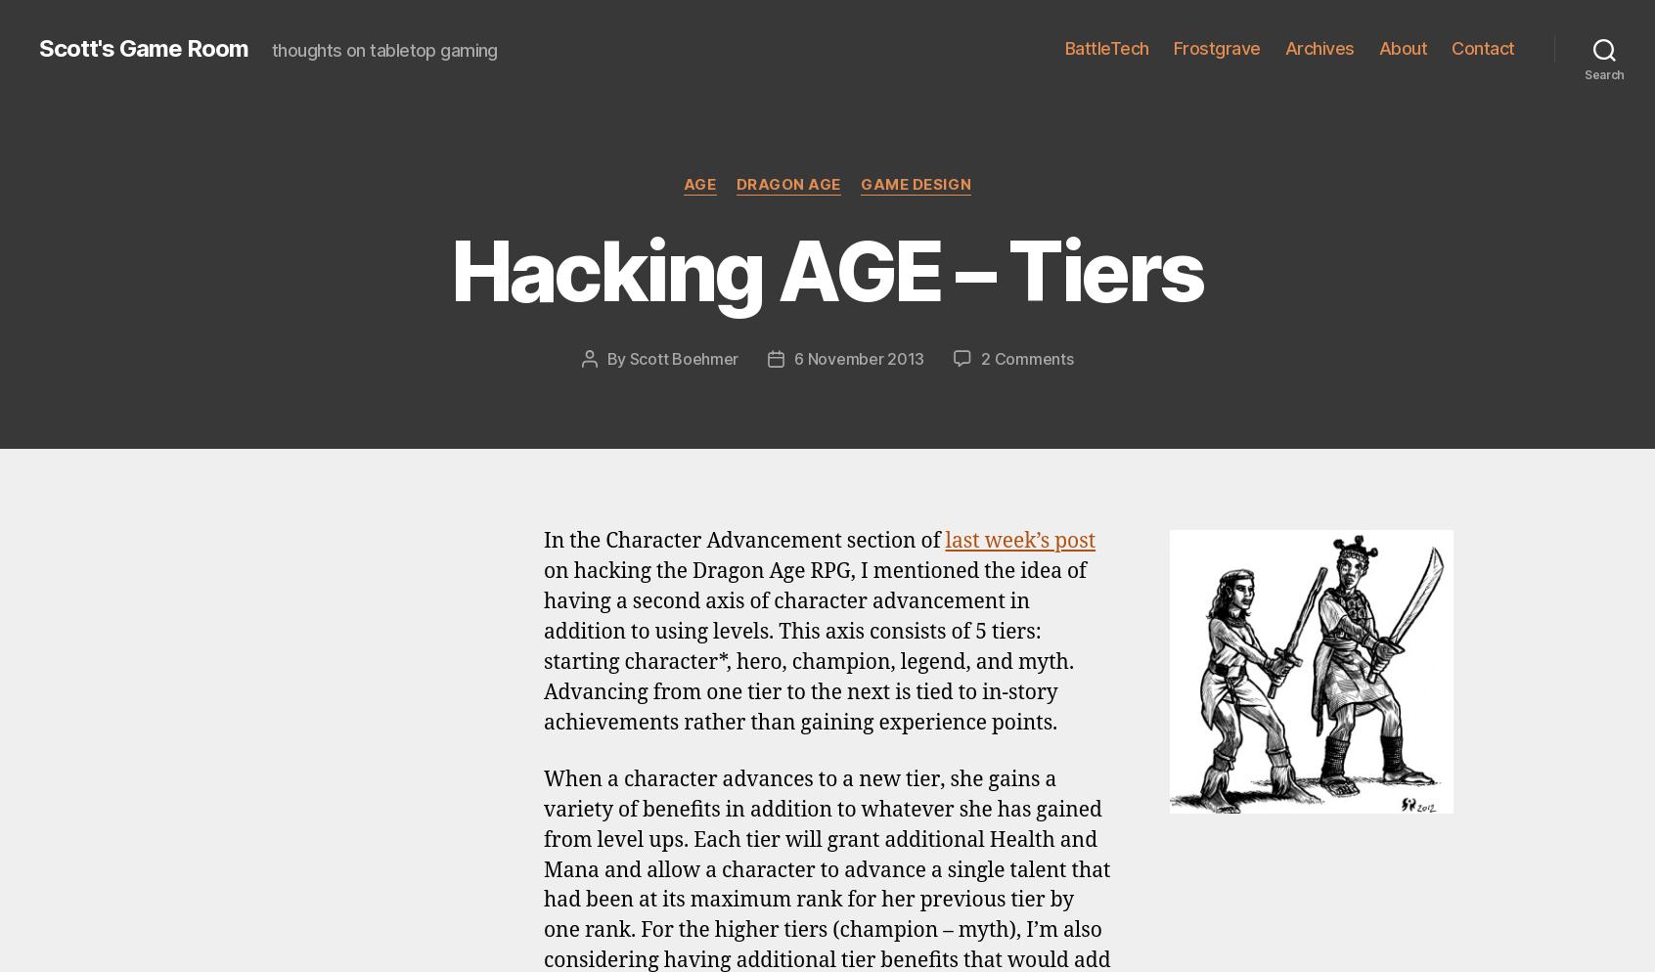 This screenshot has width=1655, height=972. Describe the element at coordinates (703, 466) in the screenshot. I see `'game design'` at that location.